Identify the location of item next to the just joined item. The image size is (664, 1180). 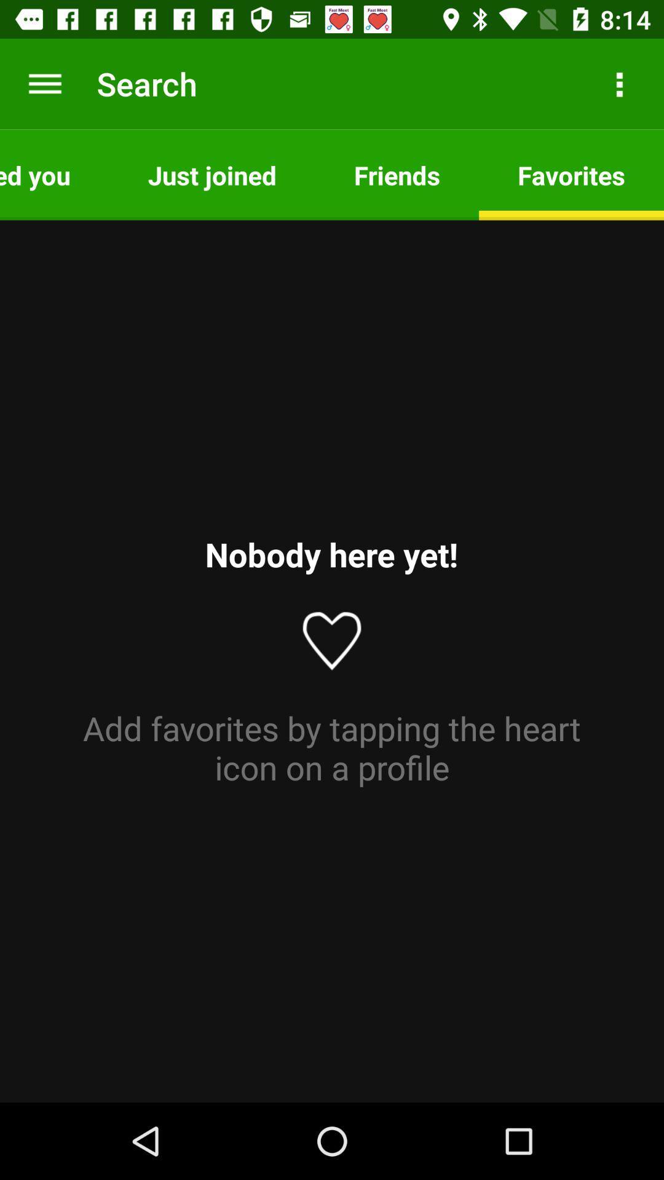
(53, 174).